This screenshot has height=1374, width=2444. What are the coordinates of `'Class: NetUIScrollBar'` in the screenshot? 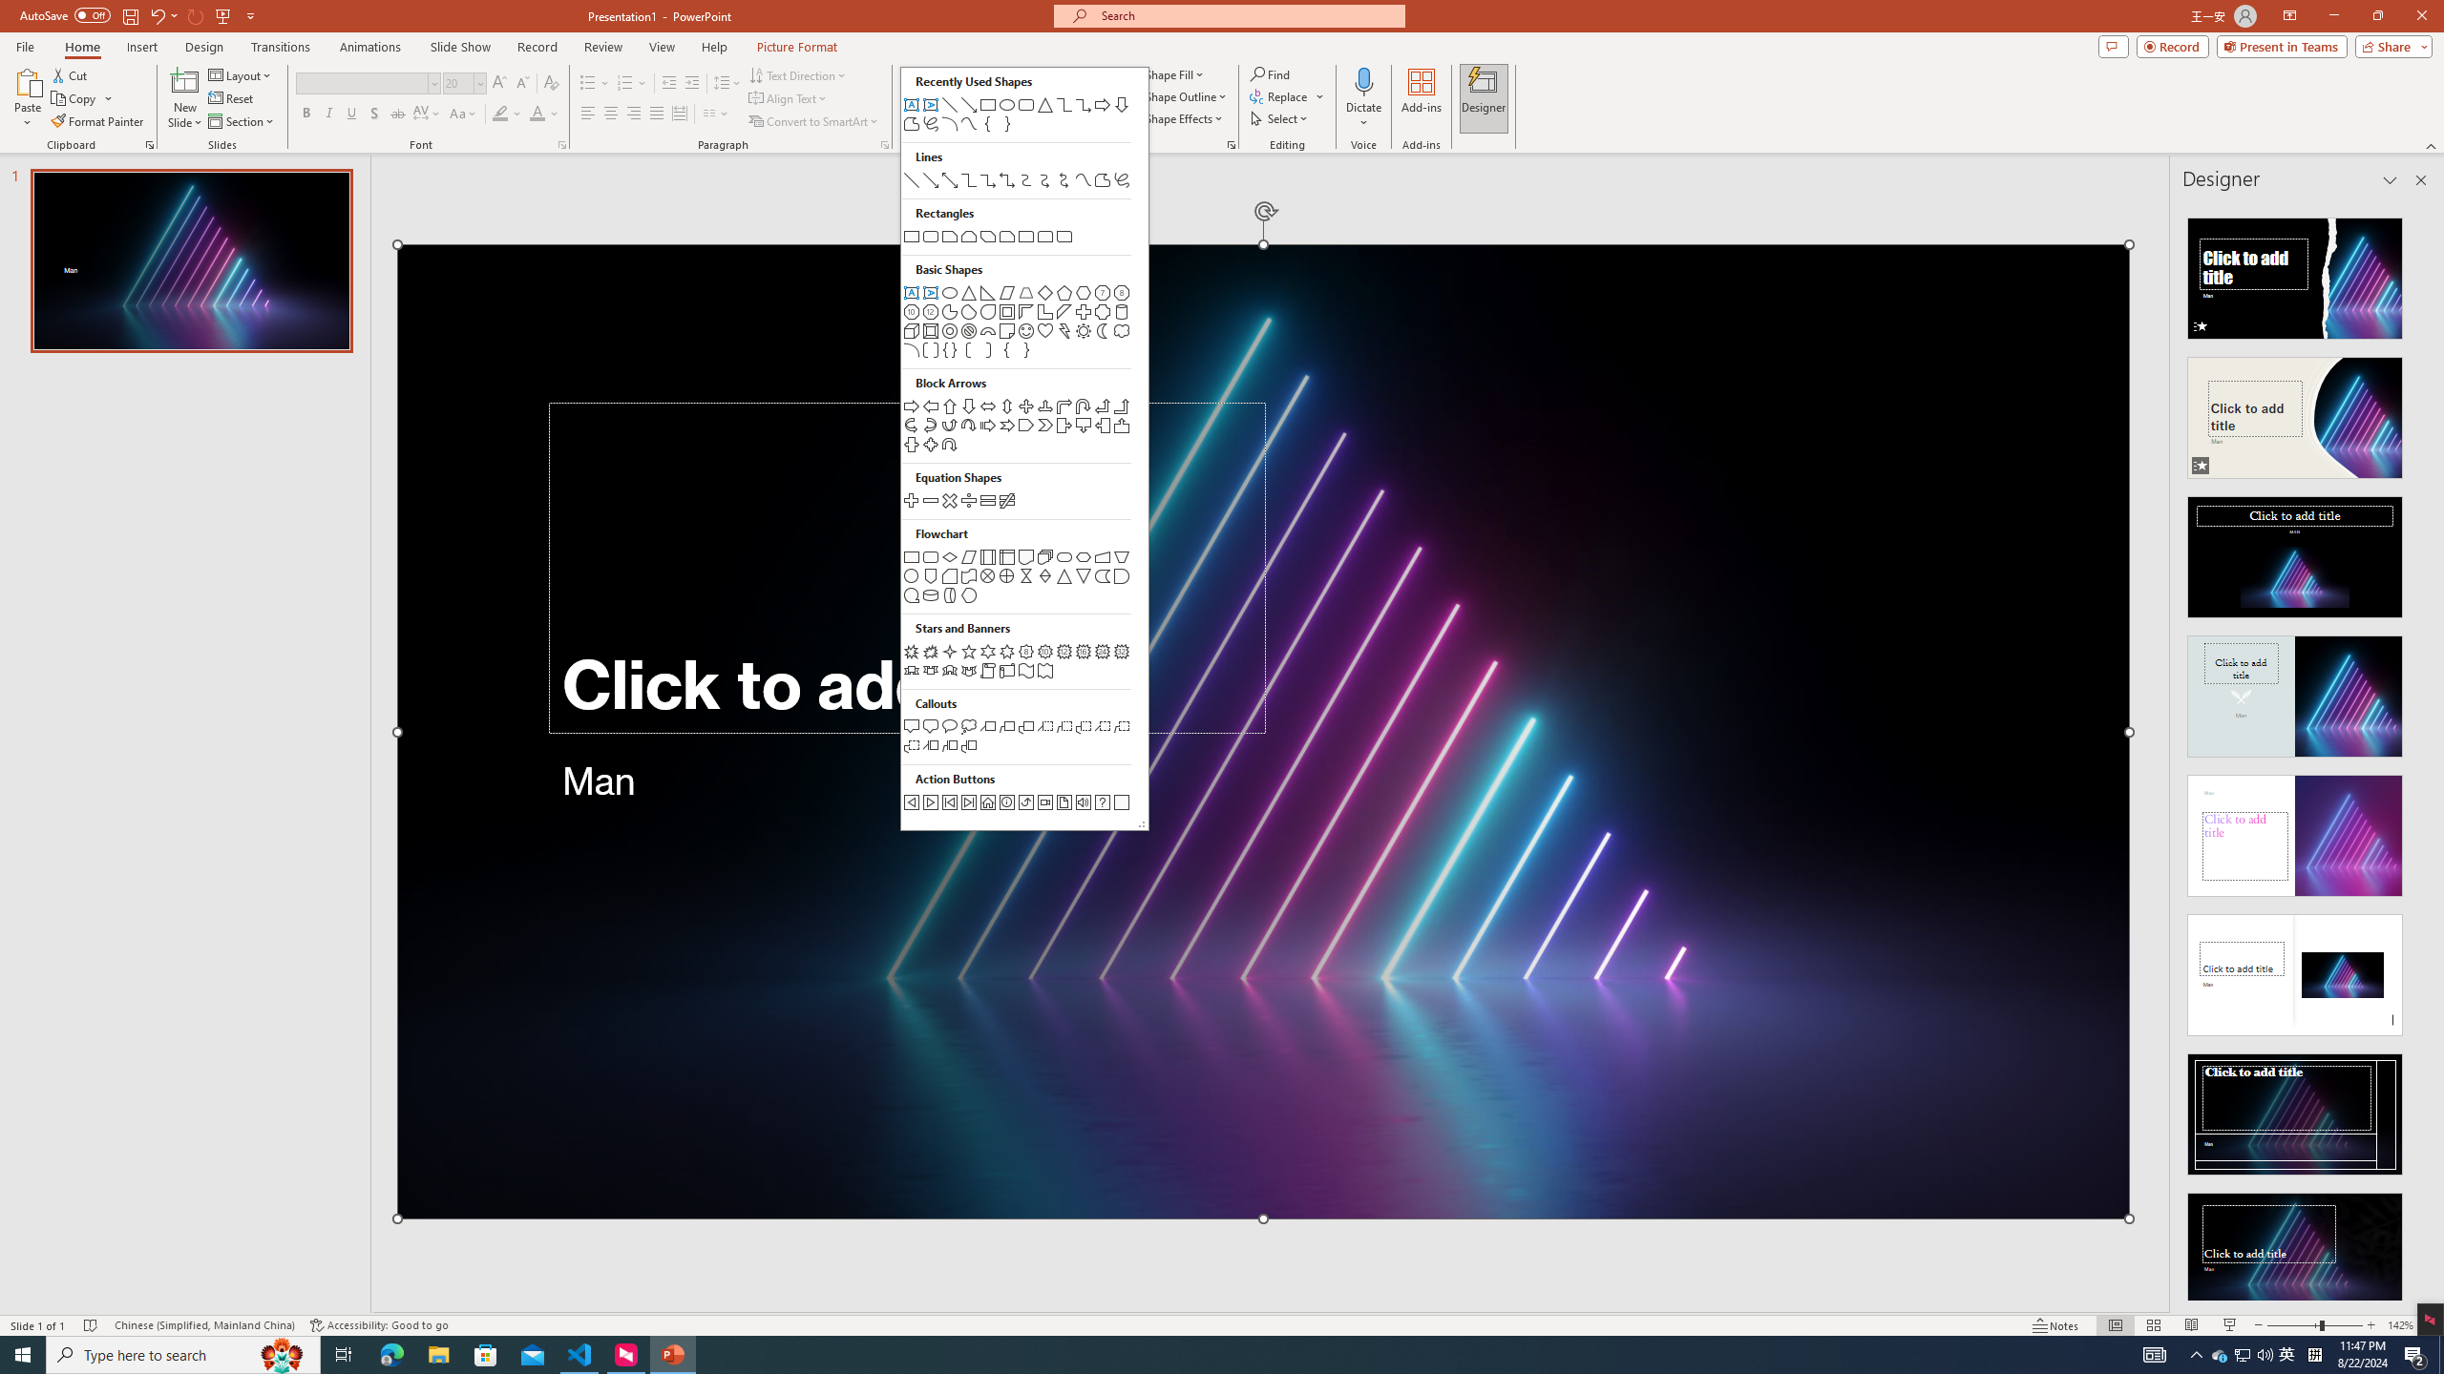 It's located at (2418, 750).